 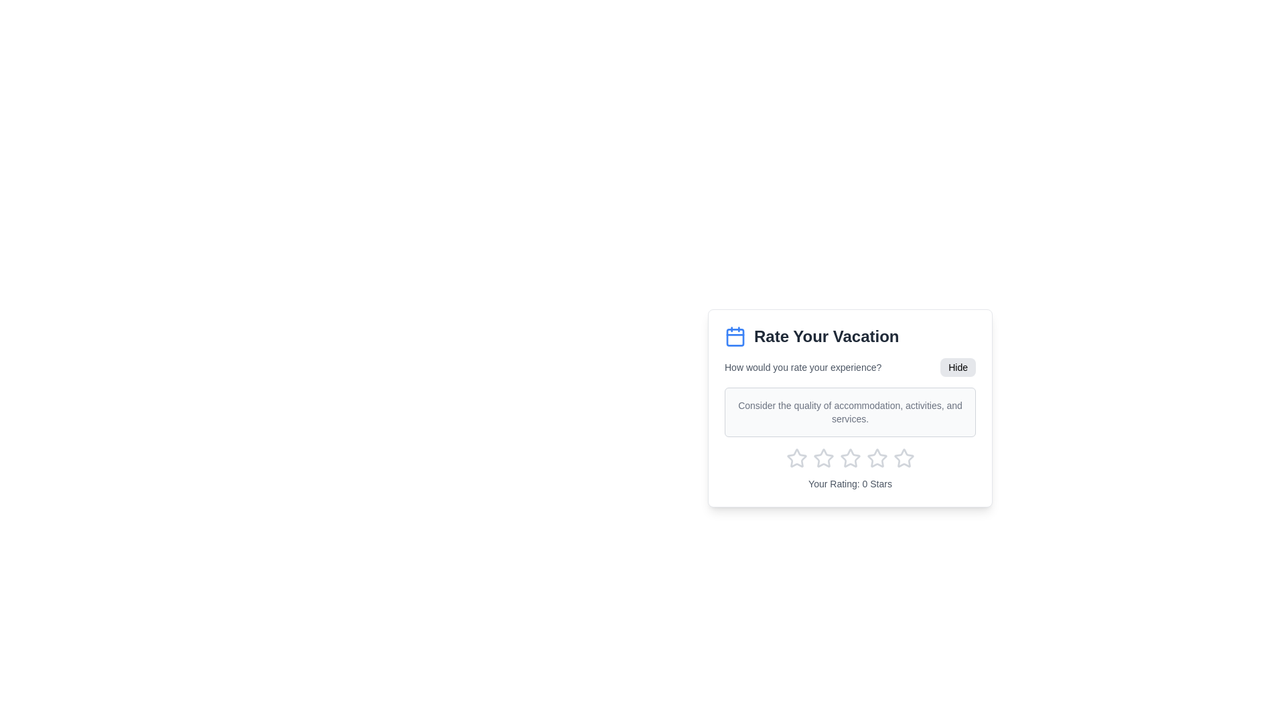 What do you see at coordinates (877, 457) in the screenshot?
I see `the third star icon in the star rating system for accessibility, located below the text 'Consider the quality of accommodation, activities, and services.'` at bounding box center [877, 457].